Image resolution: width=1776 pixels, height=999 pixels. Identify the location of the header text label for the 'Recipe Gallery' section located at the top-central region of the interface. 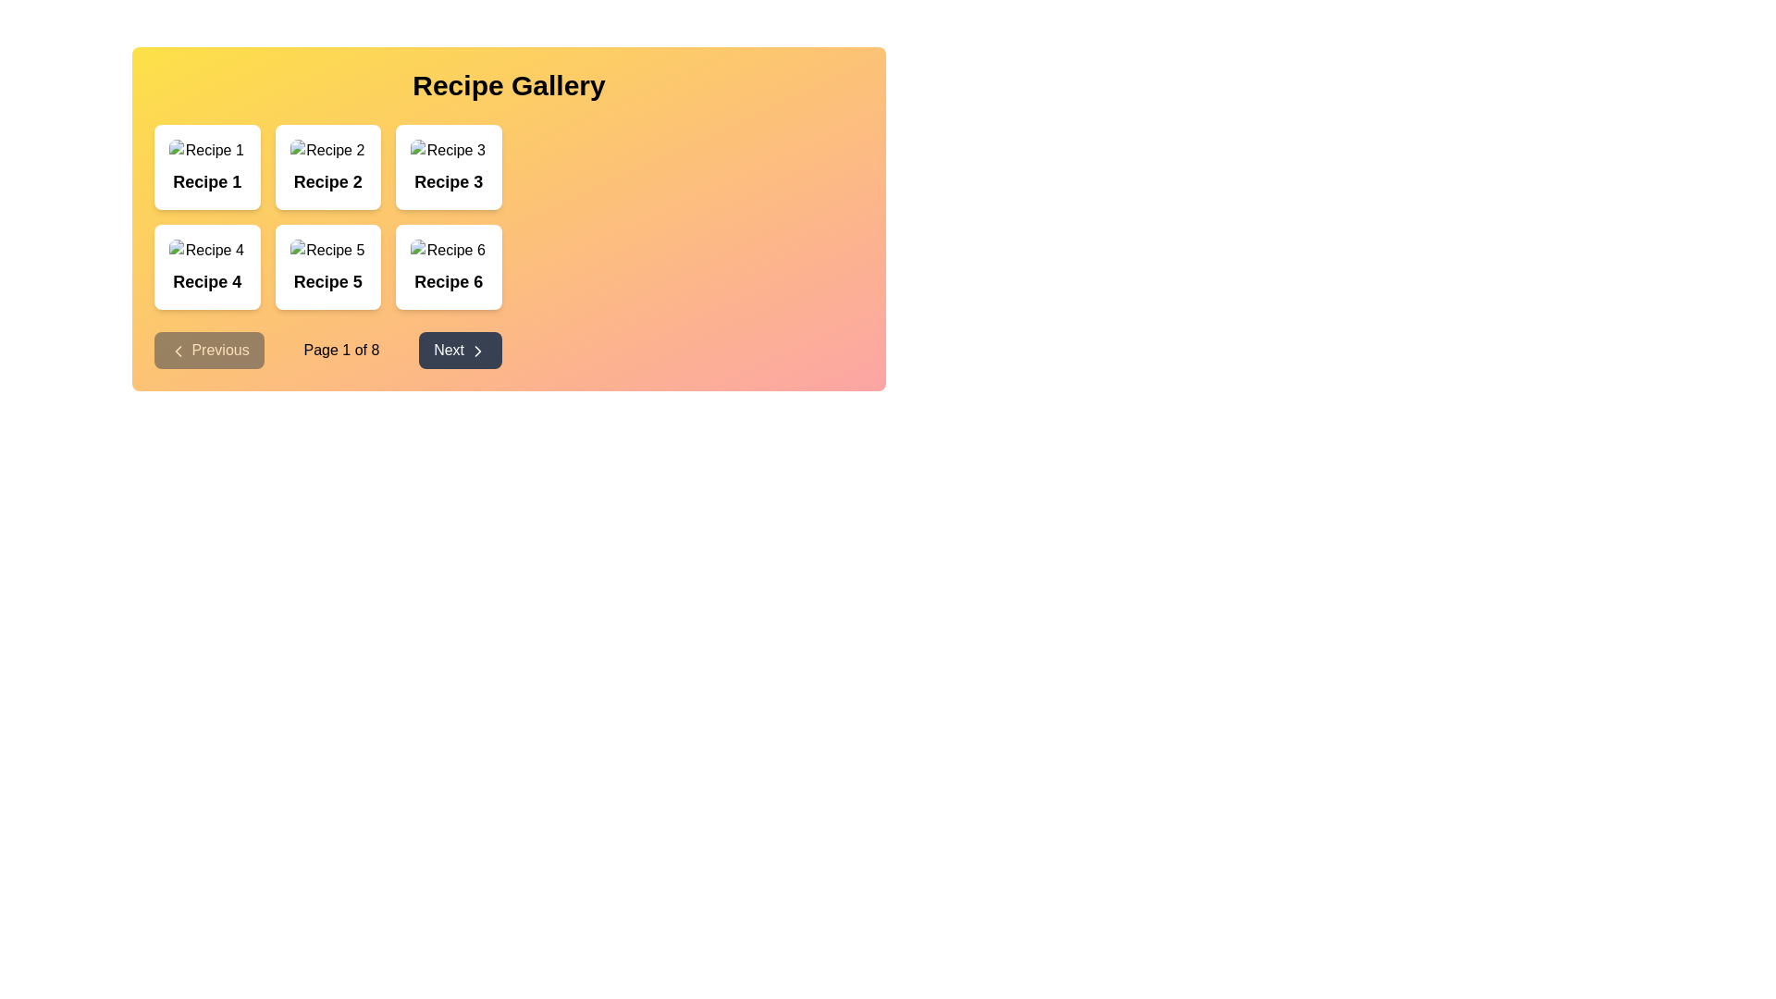
(509, 85).